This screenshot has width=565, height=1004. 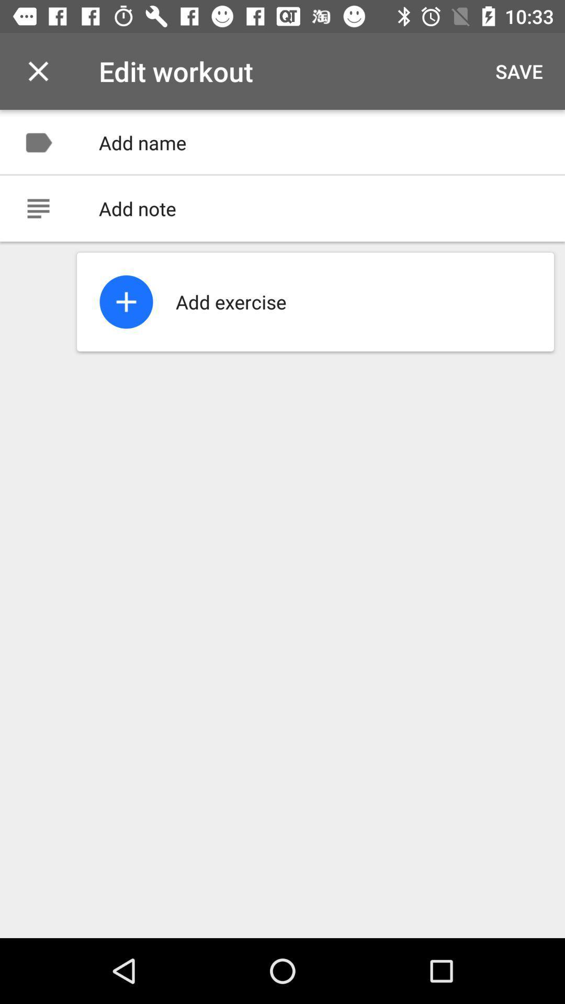 What do you see at coordinates (38, 71) in the screenshot?
I see `the item next to edit workout item` at bounding box center [38, 71].